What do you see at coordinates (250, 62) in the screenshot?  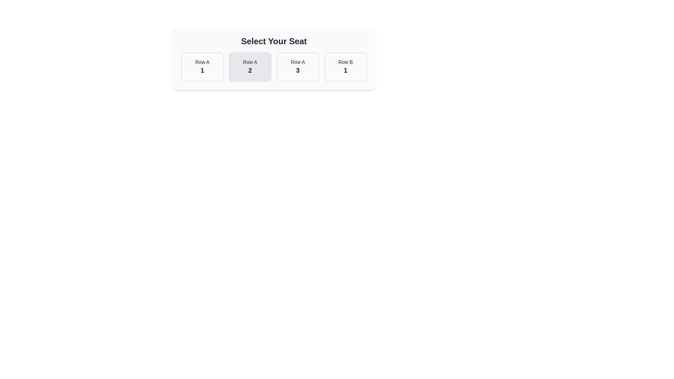 I see `the label displaying the text 'Row A', which is positioned above the numerical identifier '2' in the button labeled 'Row A2'` at bounding box center [250, 62].